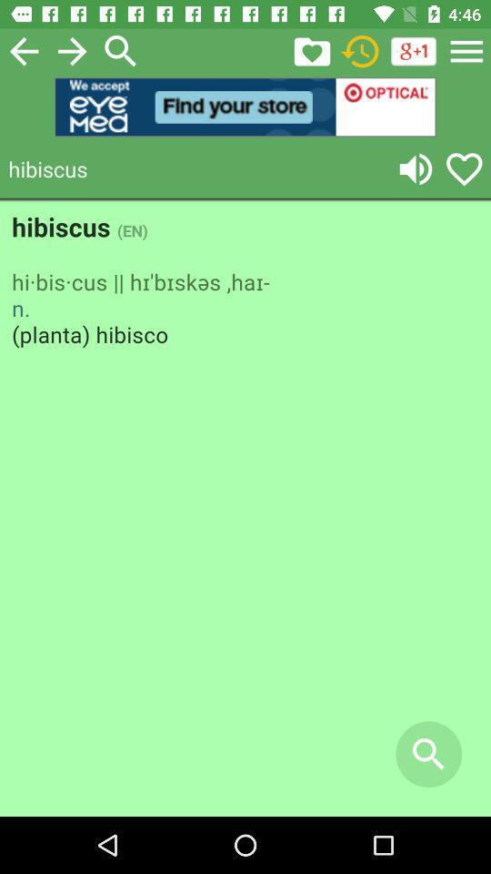 This screenshot has height=874, width=491. What do you see at coordinates (464, 168) in the screenshot?
I see `translated words` at bounding box center [464, 168].